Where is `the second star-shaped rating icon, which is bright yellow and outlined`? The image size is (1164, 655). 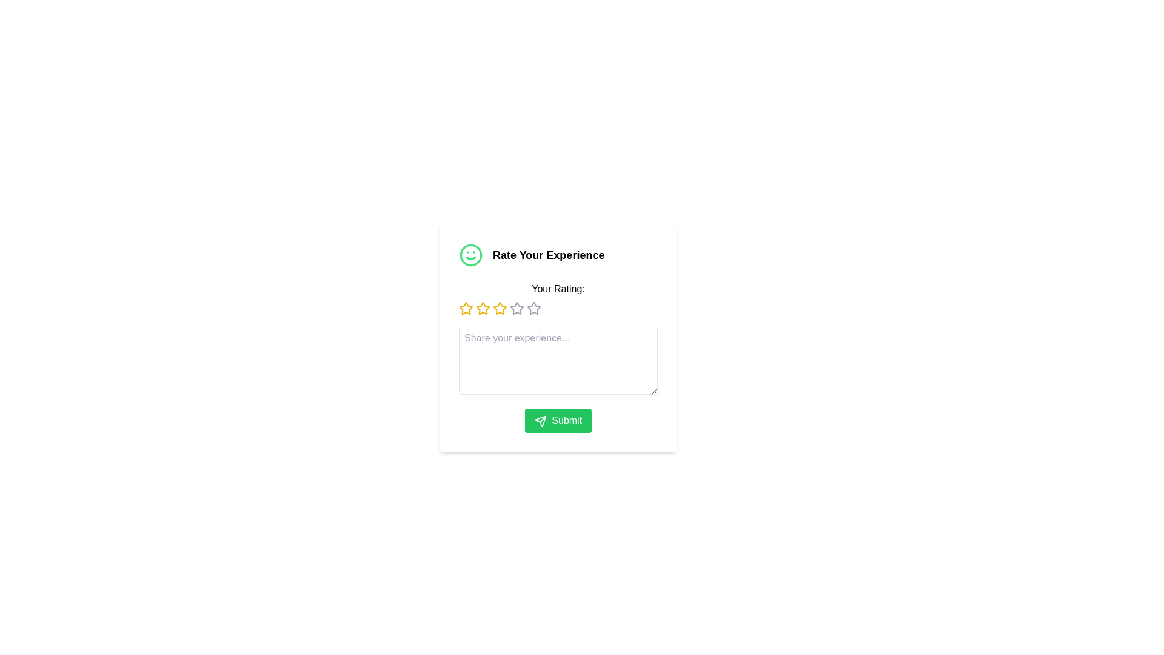 the second star-shaped rating icon, which is bright yellow and outlined is located at coordinates (482, 307).